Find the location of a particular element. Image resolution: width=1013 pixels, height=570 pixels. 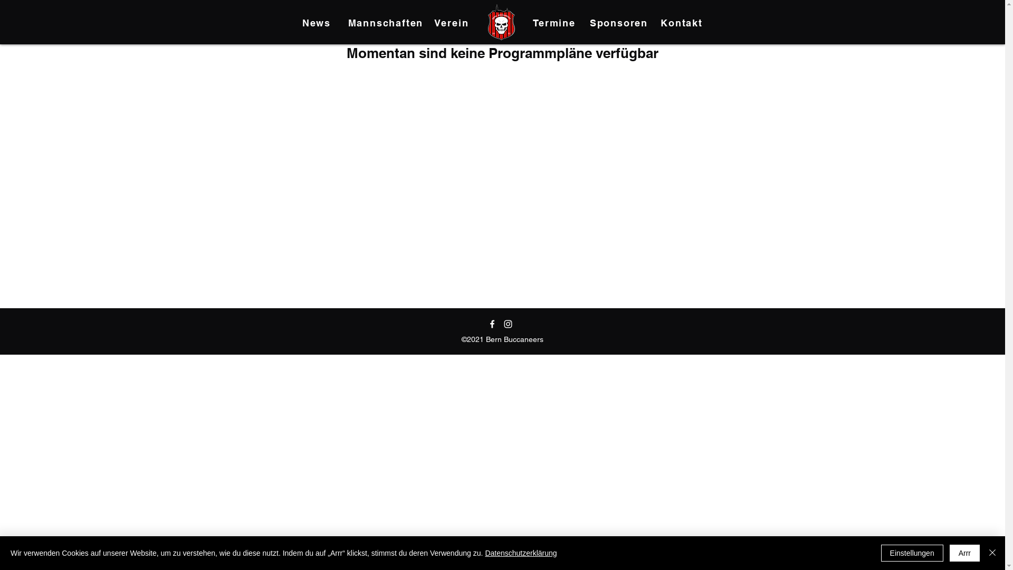

'News' is located at coordinates (317, 22).